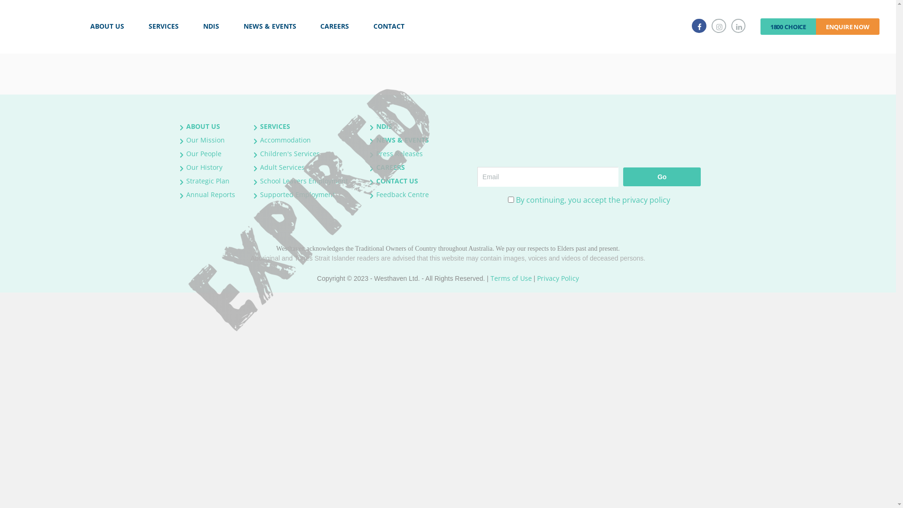  What do you see at coordinates (210, 194) in the screenshot?
I see `'Annual Reports'` at bounding box center [210, 194].